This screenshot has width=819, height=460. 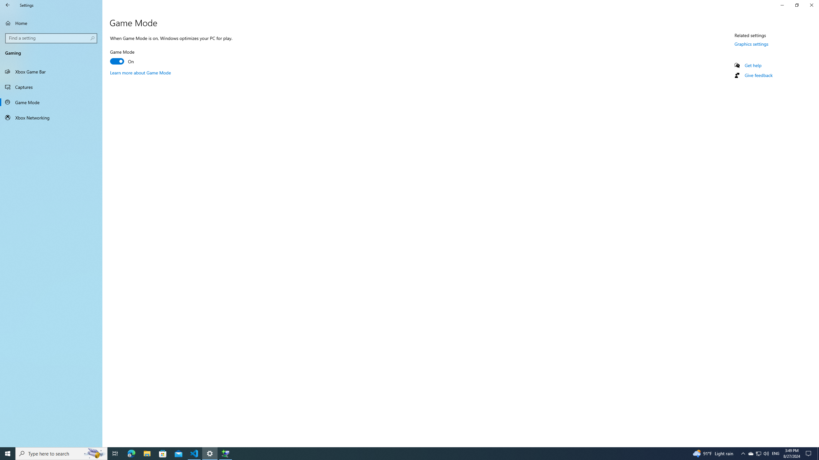 What do you see at coordinates (758, 453) in the screenshot?
I see `'User Promoted Notification Area'` at bounding box center [758, 453].